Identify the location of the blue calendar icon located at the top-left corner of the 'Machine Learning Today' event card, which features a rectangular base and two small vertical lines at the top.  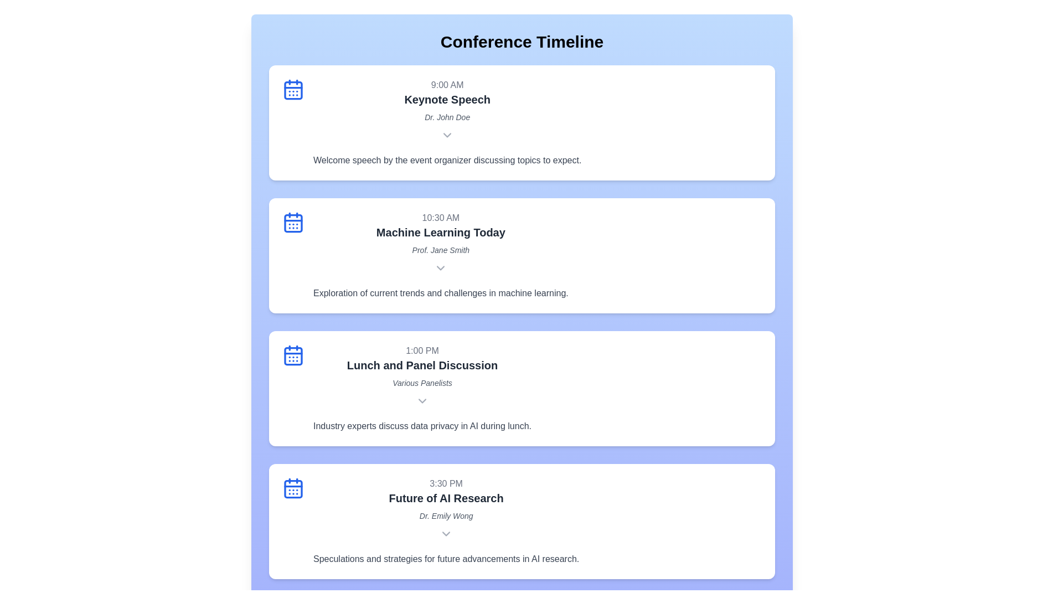
(293, 222).